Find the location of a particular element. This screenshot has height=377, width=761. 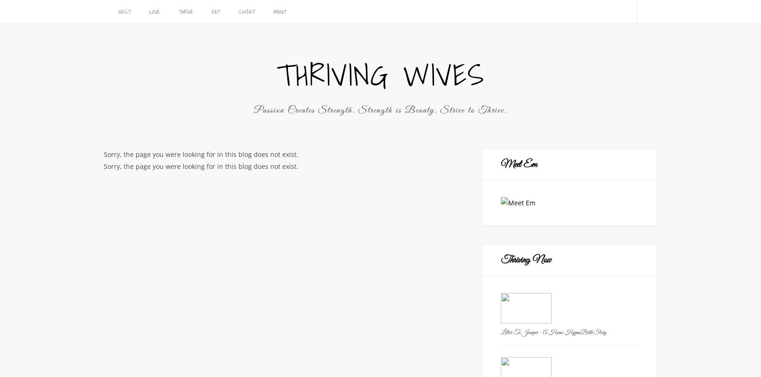

'SWEAT' is located at coordinates (238, 11).